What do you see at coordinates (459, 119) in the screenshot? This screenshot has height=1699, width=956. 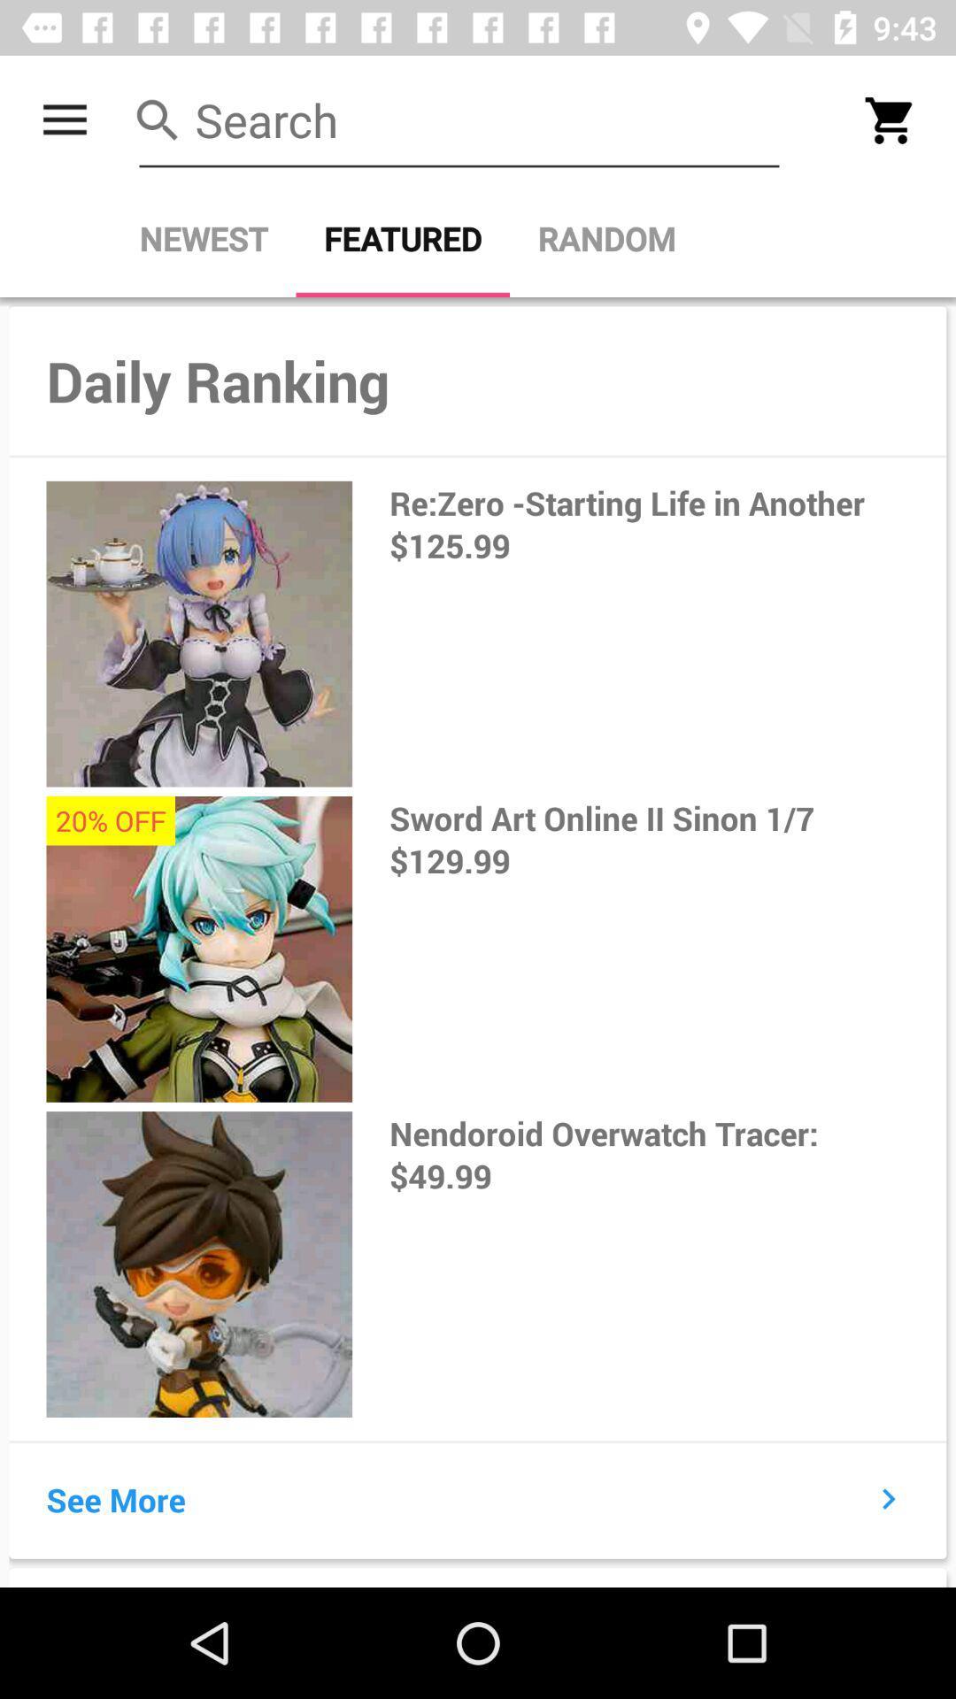 I see `item above newest icon` at bounding box center [459, 119].